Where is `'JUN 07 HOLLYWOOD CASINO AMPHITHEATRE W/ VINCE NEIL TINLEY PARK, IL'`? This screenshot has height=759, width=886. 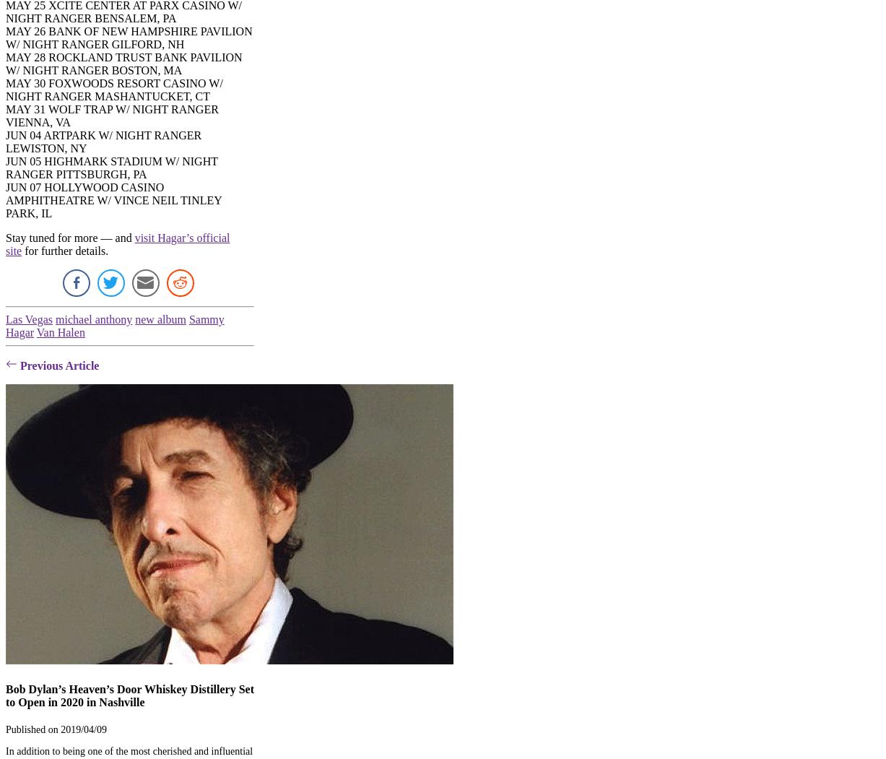
'JUN 07 HOLLYWOOD CASINO AMPHITHEATRE W/ VINCE NEIL TINLEY PARK, IL' is located at coordinates (113, 200).